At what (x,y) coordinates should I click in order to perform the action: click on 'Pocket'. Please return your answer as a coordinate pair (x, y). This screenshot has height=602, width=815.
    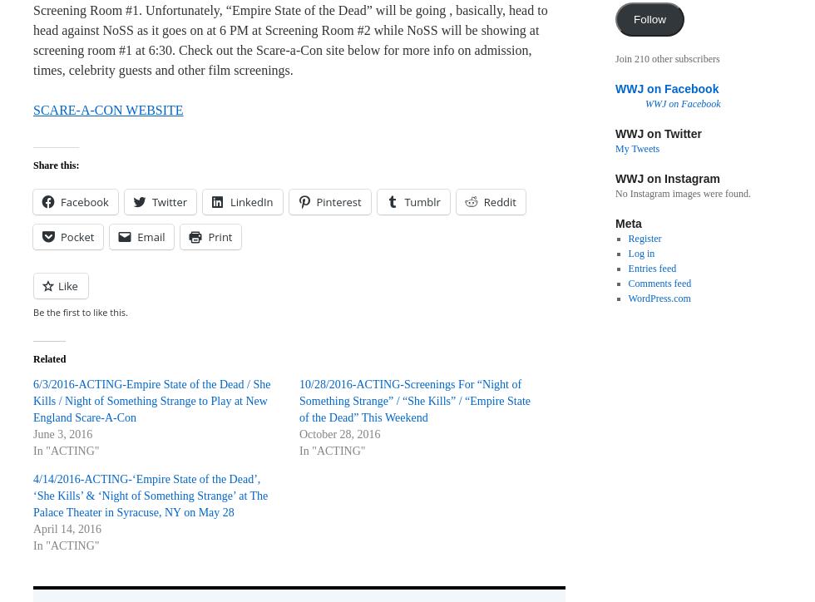
    Looking at the image, I should click on (77, 235).